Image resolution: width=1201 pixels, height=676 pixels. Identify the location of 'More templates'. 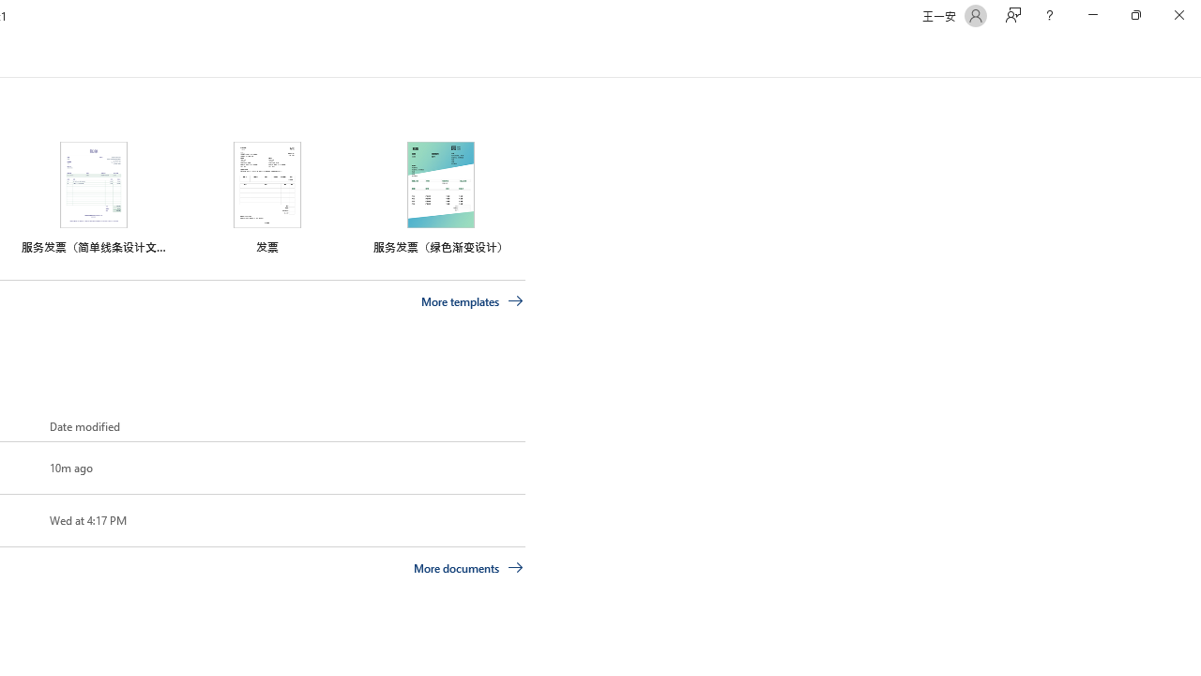
(472, 300).